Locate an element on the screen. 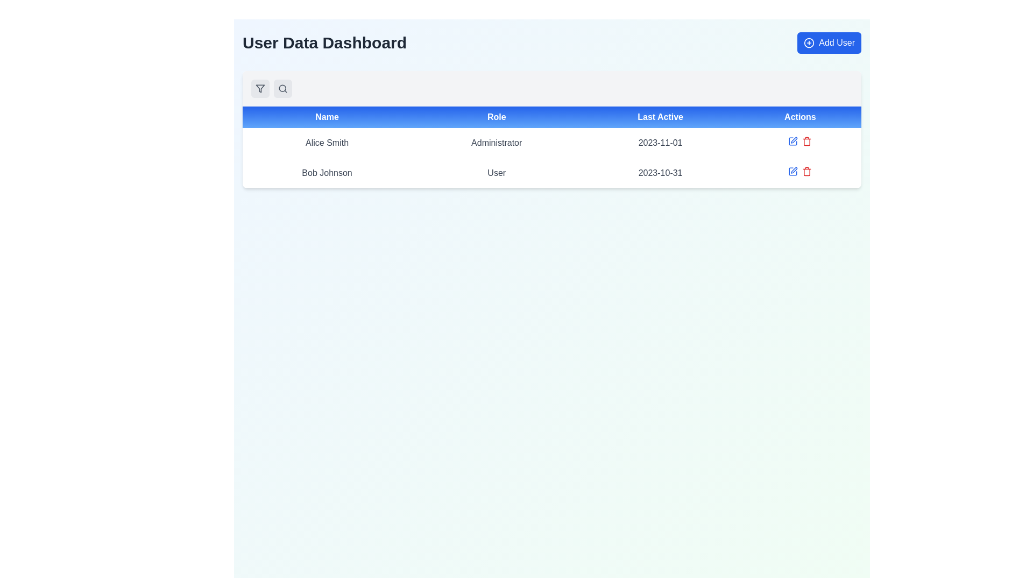 This screenshot has width=1033, height=581. the text label displaying 'Administrator' located in the second cell of the first data row under the 'Role' column in the table is located at coordinates (496, 143).